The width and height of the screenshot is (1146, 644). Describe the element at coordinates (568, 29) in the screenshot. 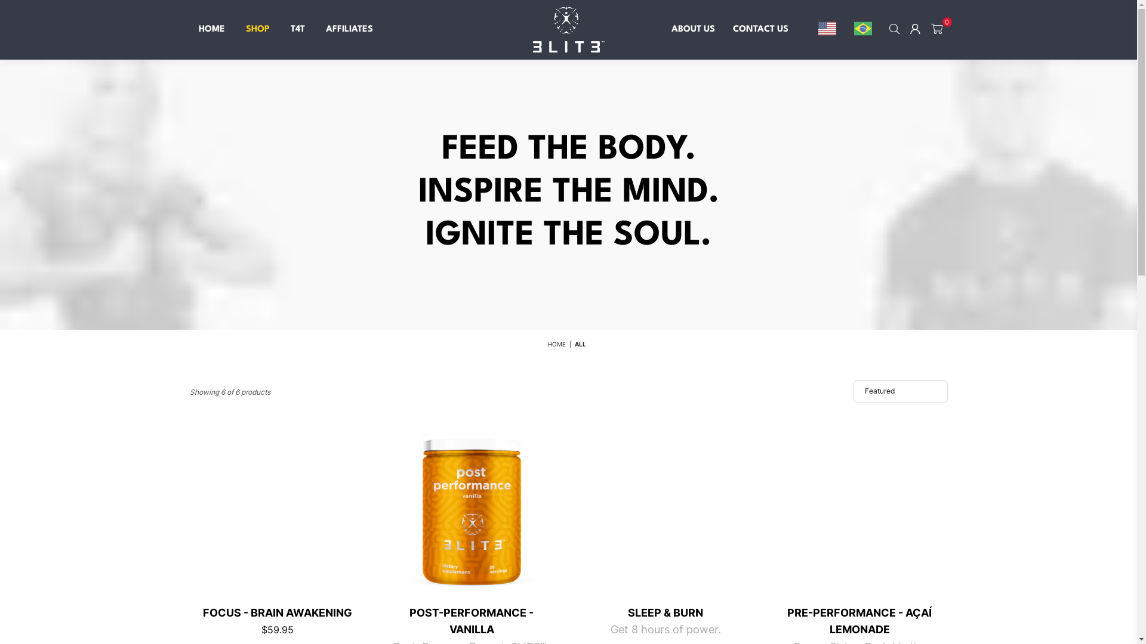

I see `'3LIT3 SUPPLEMENTS'` at that location.